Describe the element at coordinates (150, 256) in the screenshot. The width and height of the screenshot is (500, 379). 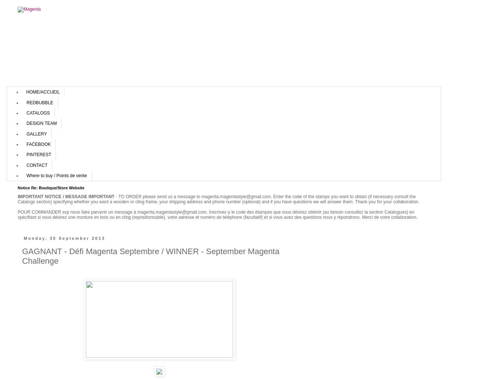
I see `'GAGNANT - Défi Magenta Septembre / WINNER - September Magenta Challenge'` at that location.